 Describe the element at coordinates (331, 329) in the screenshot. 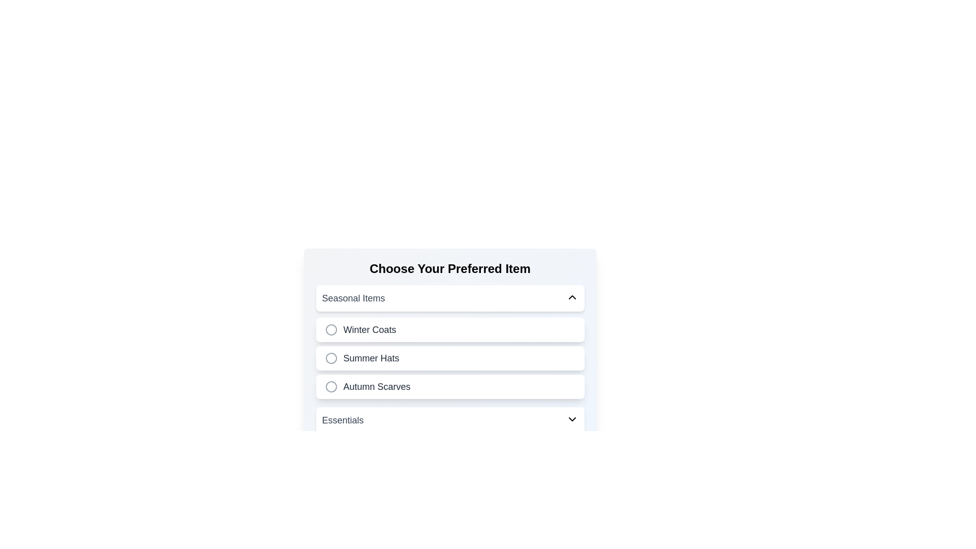

I see `the circular checkbox icon associated with the 'Winter Coats' option, which is styled as an outline with a thin gray border, located in the right section of its row` at that location.